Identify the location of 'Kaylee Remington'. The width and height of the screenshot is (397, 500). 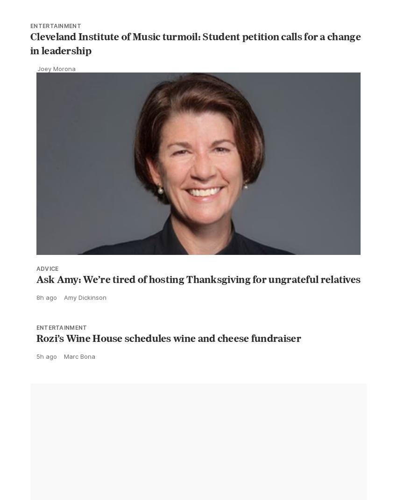
(87, 15).